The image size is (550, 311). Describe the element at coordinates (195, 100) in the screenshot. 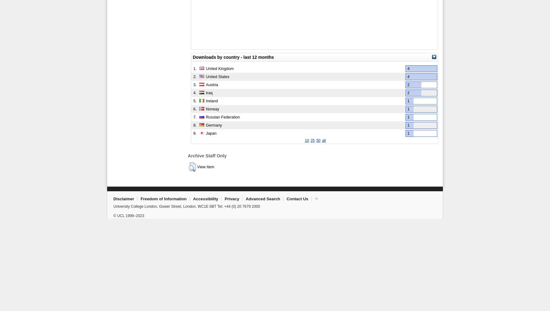

I see `'5.'` at that location.